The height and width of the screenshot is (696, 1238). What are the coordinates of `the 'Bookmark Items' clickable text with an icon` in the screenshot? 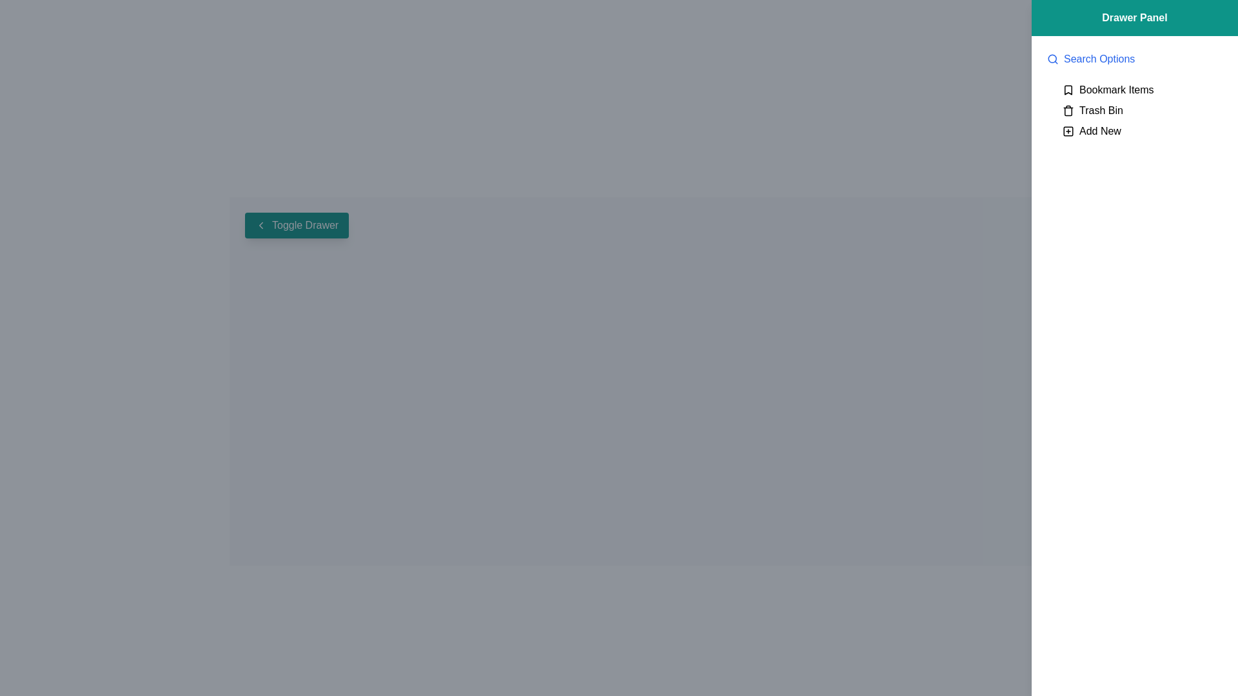 It's located at (1107, 89).